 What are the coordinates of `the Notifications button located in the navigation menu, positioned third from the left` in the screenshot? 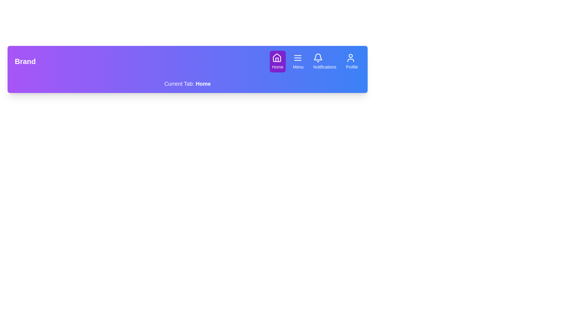 It's located at (324, 62).